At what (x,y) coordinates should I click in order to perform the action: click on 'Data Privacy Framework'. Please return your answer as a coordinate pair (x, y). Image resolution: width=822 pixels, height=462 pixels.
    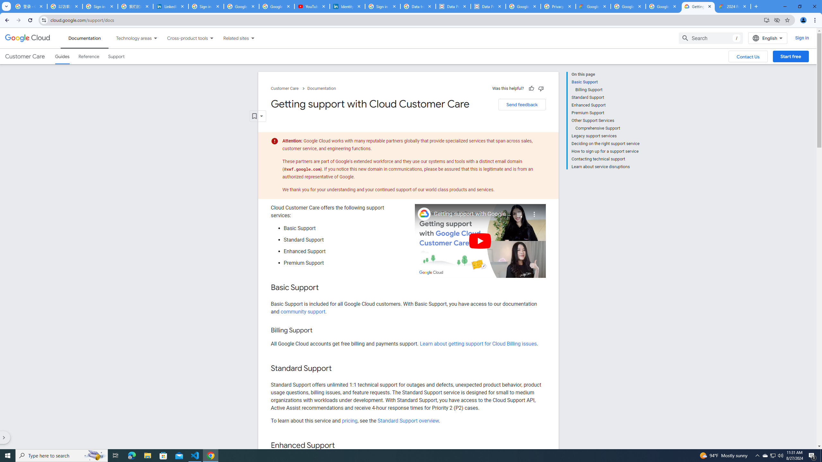
    Looking at the image, I should click on (488, 6).